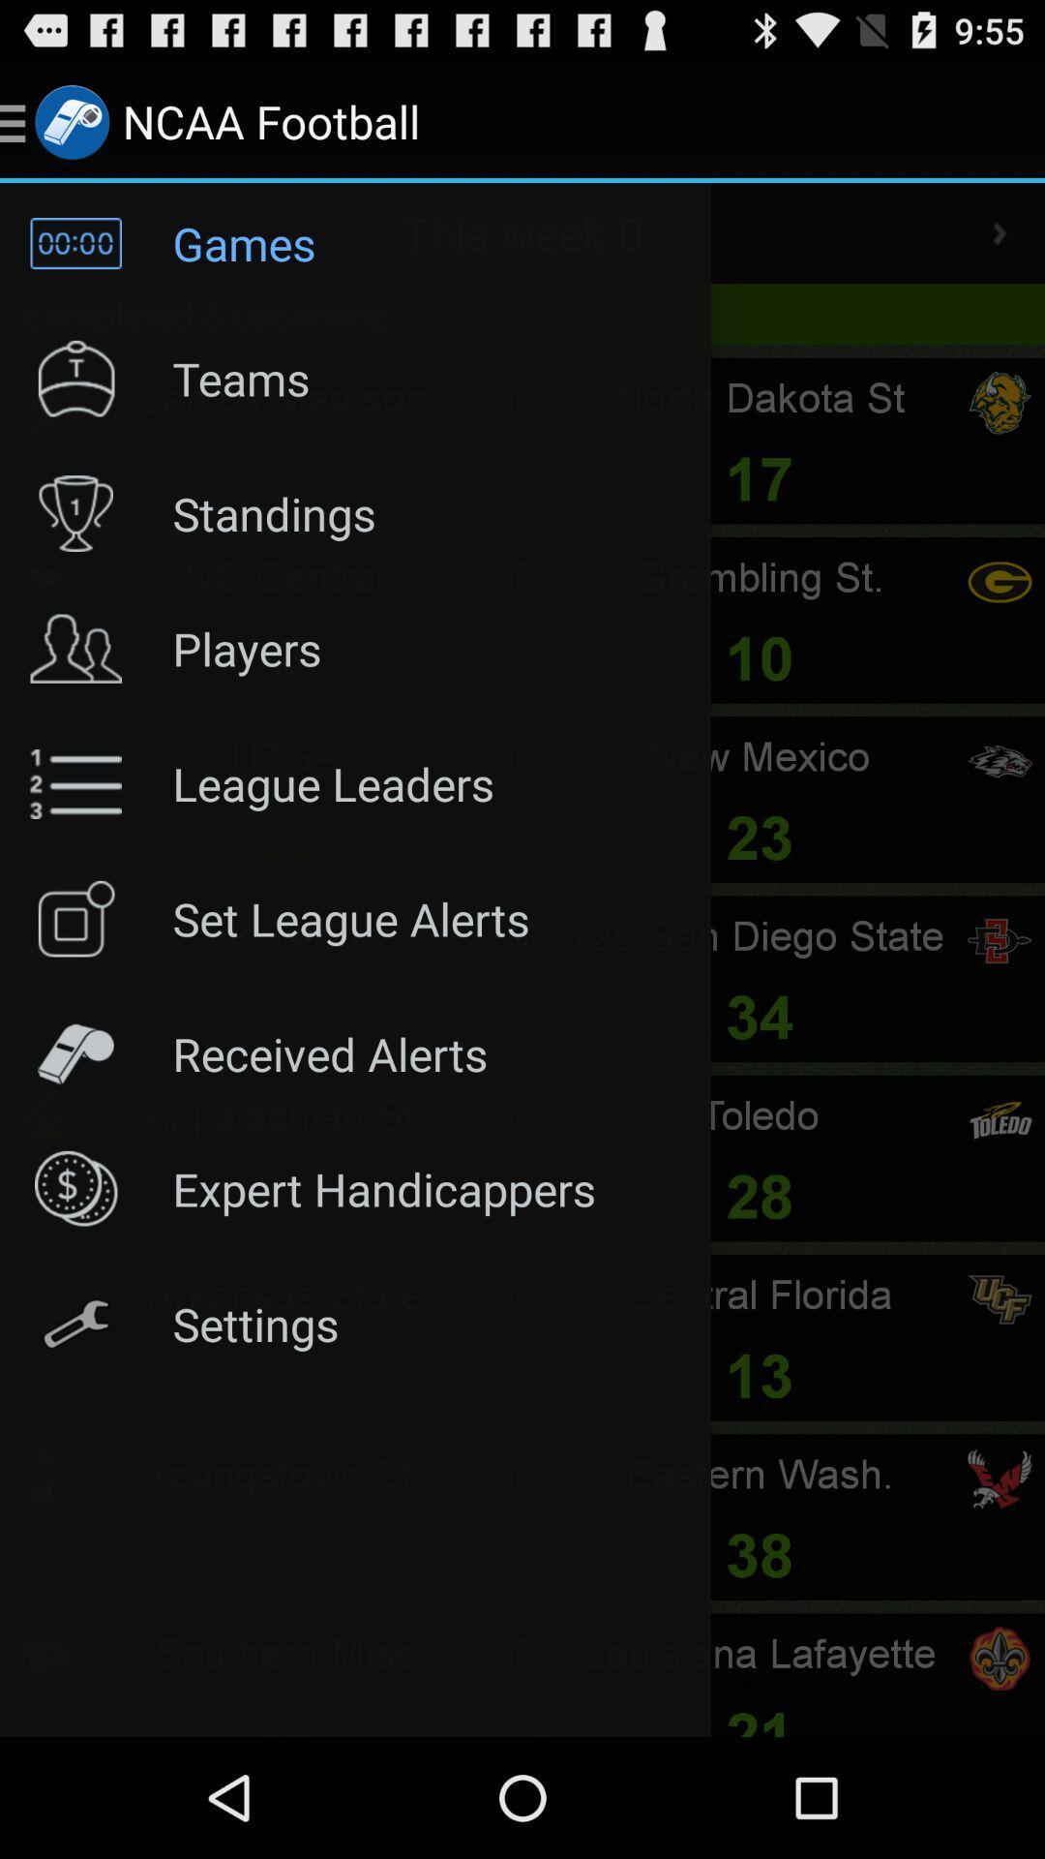 The width and height of the screenshot is (1045, 1859). I want to click on the ucf in florida, so click(1000, 1300).